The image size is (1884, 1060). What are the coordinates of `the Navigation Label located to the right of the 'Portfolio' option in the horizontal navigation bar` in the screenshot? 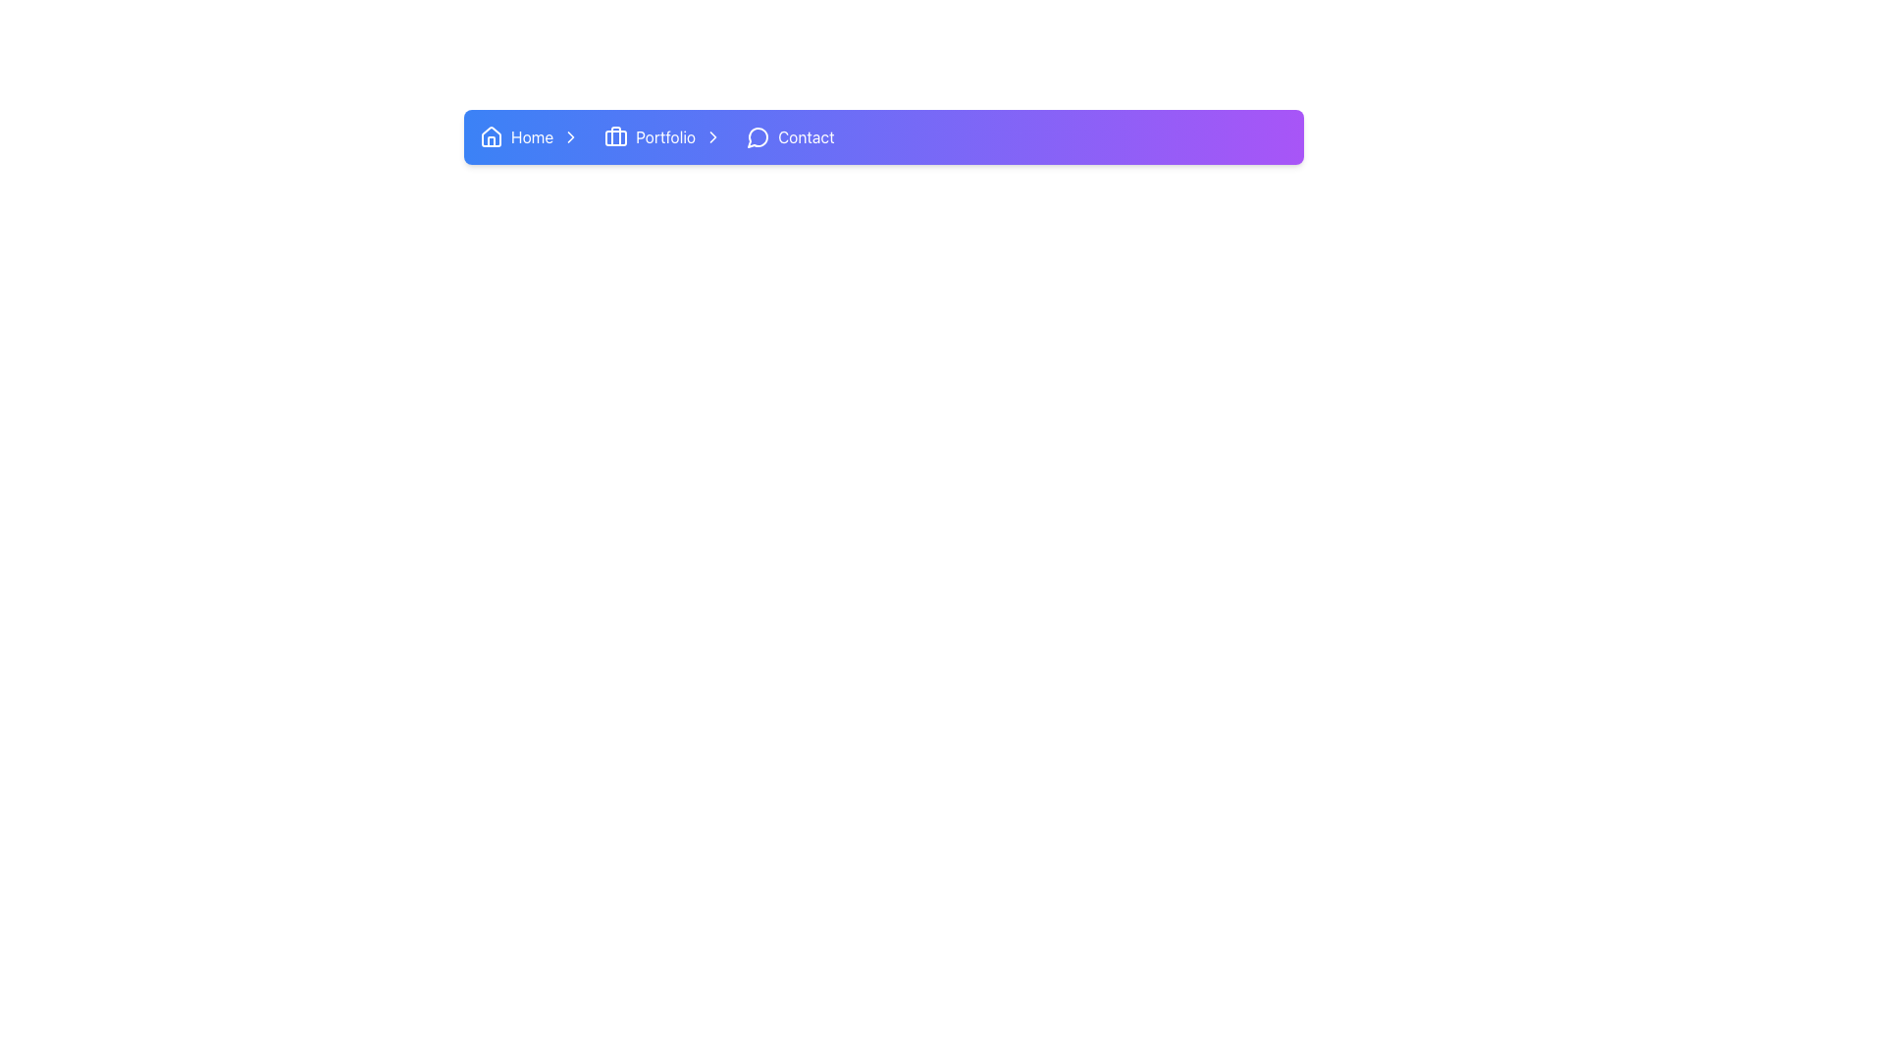 It's located at (791, 135).